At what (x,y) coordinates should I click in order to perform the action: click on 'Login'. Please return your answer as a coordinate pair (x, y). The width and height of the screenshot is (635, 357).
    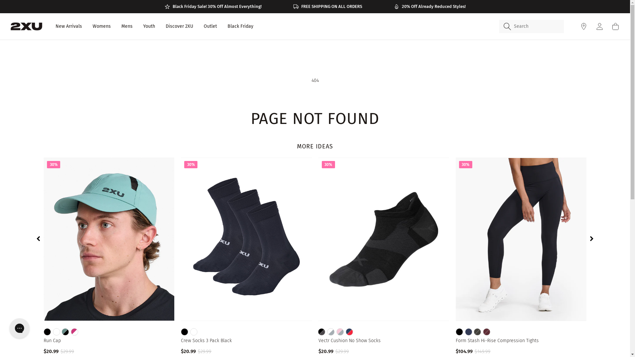
    Looking at the image, I should click on (595, 26).